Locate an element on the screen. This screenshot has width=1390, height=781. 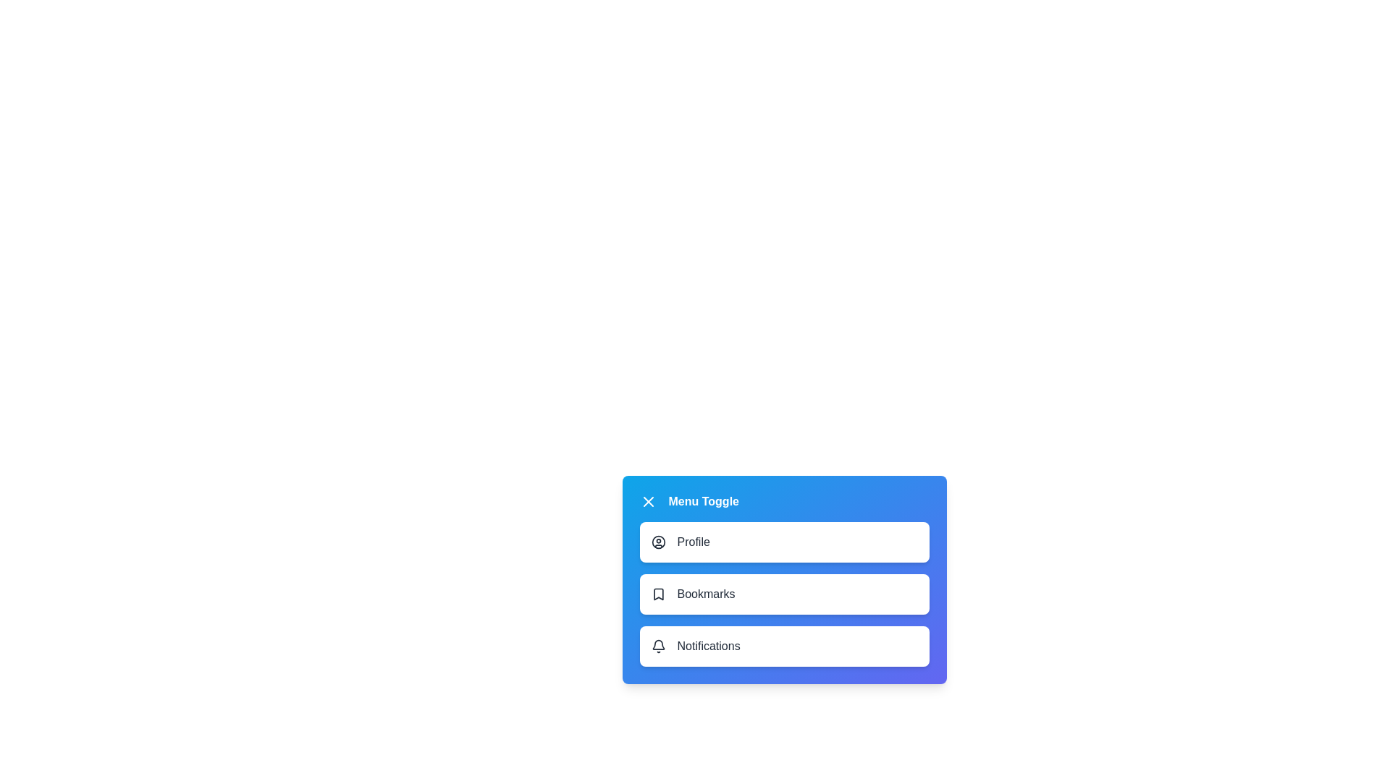
the menu item labeled Bookmarks to select it is located at coordinates (783, 594).